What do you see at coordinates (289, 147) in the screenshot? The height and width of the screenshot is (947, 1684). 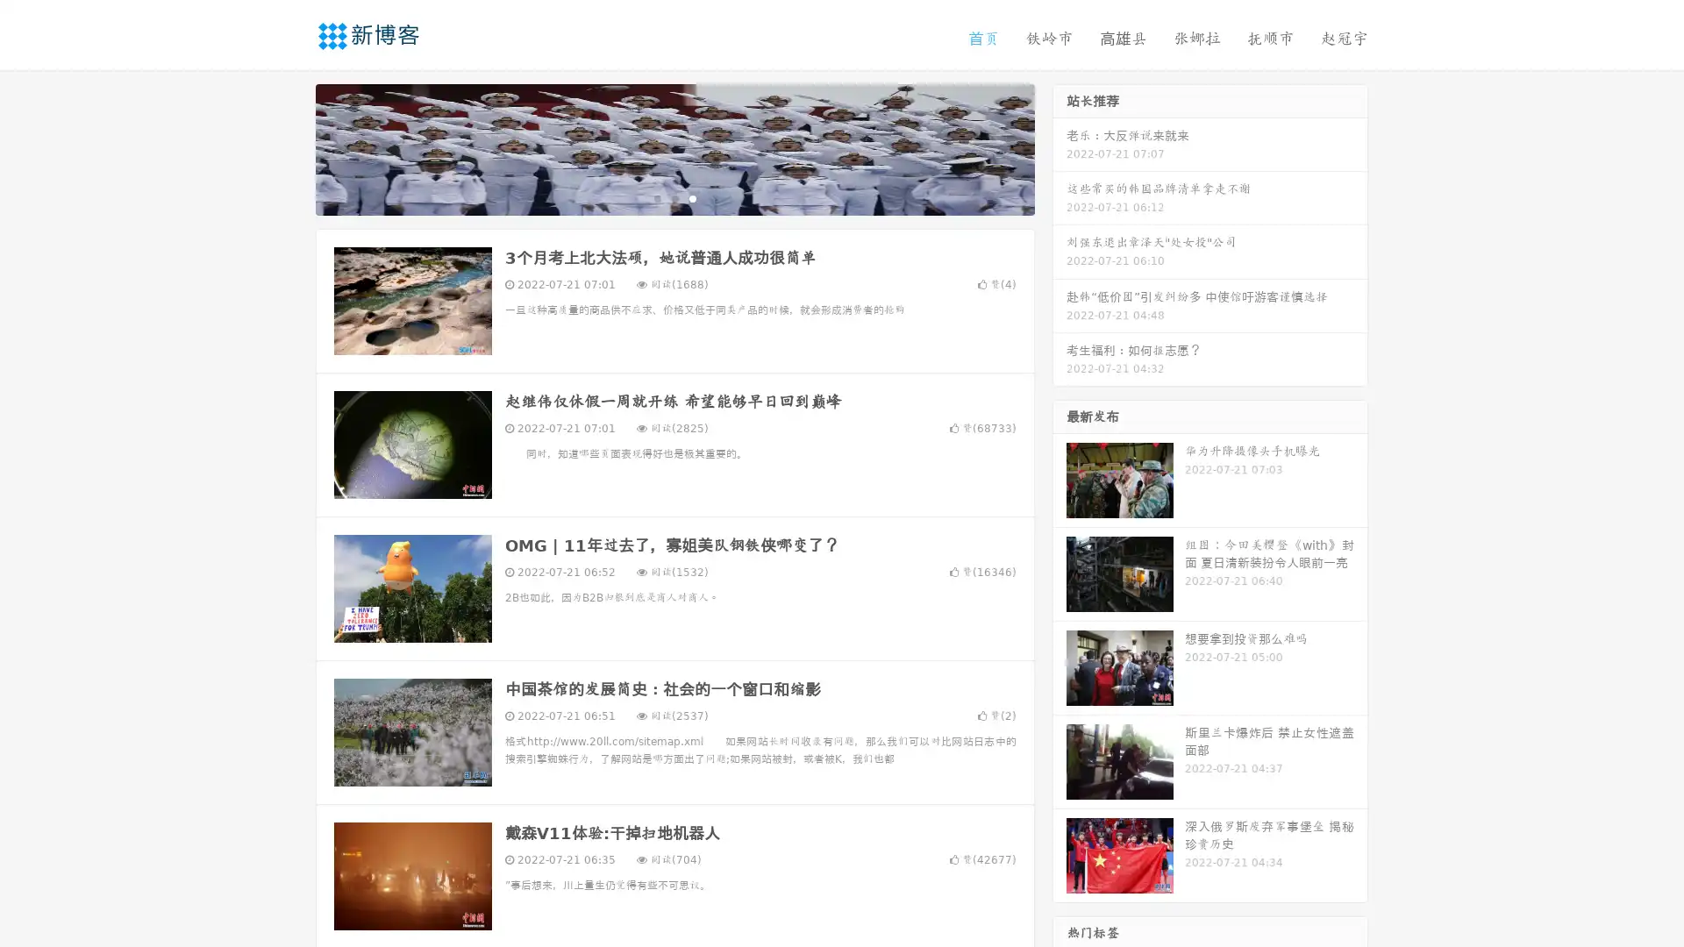 I see `Previous slide` at bounding box center [289, 147].